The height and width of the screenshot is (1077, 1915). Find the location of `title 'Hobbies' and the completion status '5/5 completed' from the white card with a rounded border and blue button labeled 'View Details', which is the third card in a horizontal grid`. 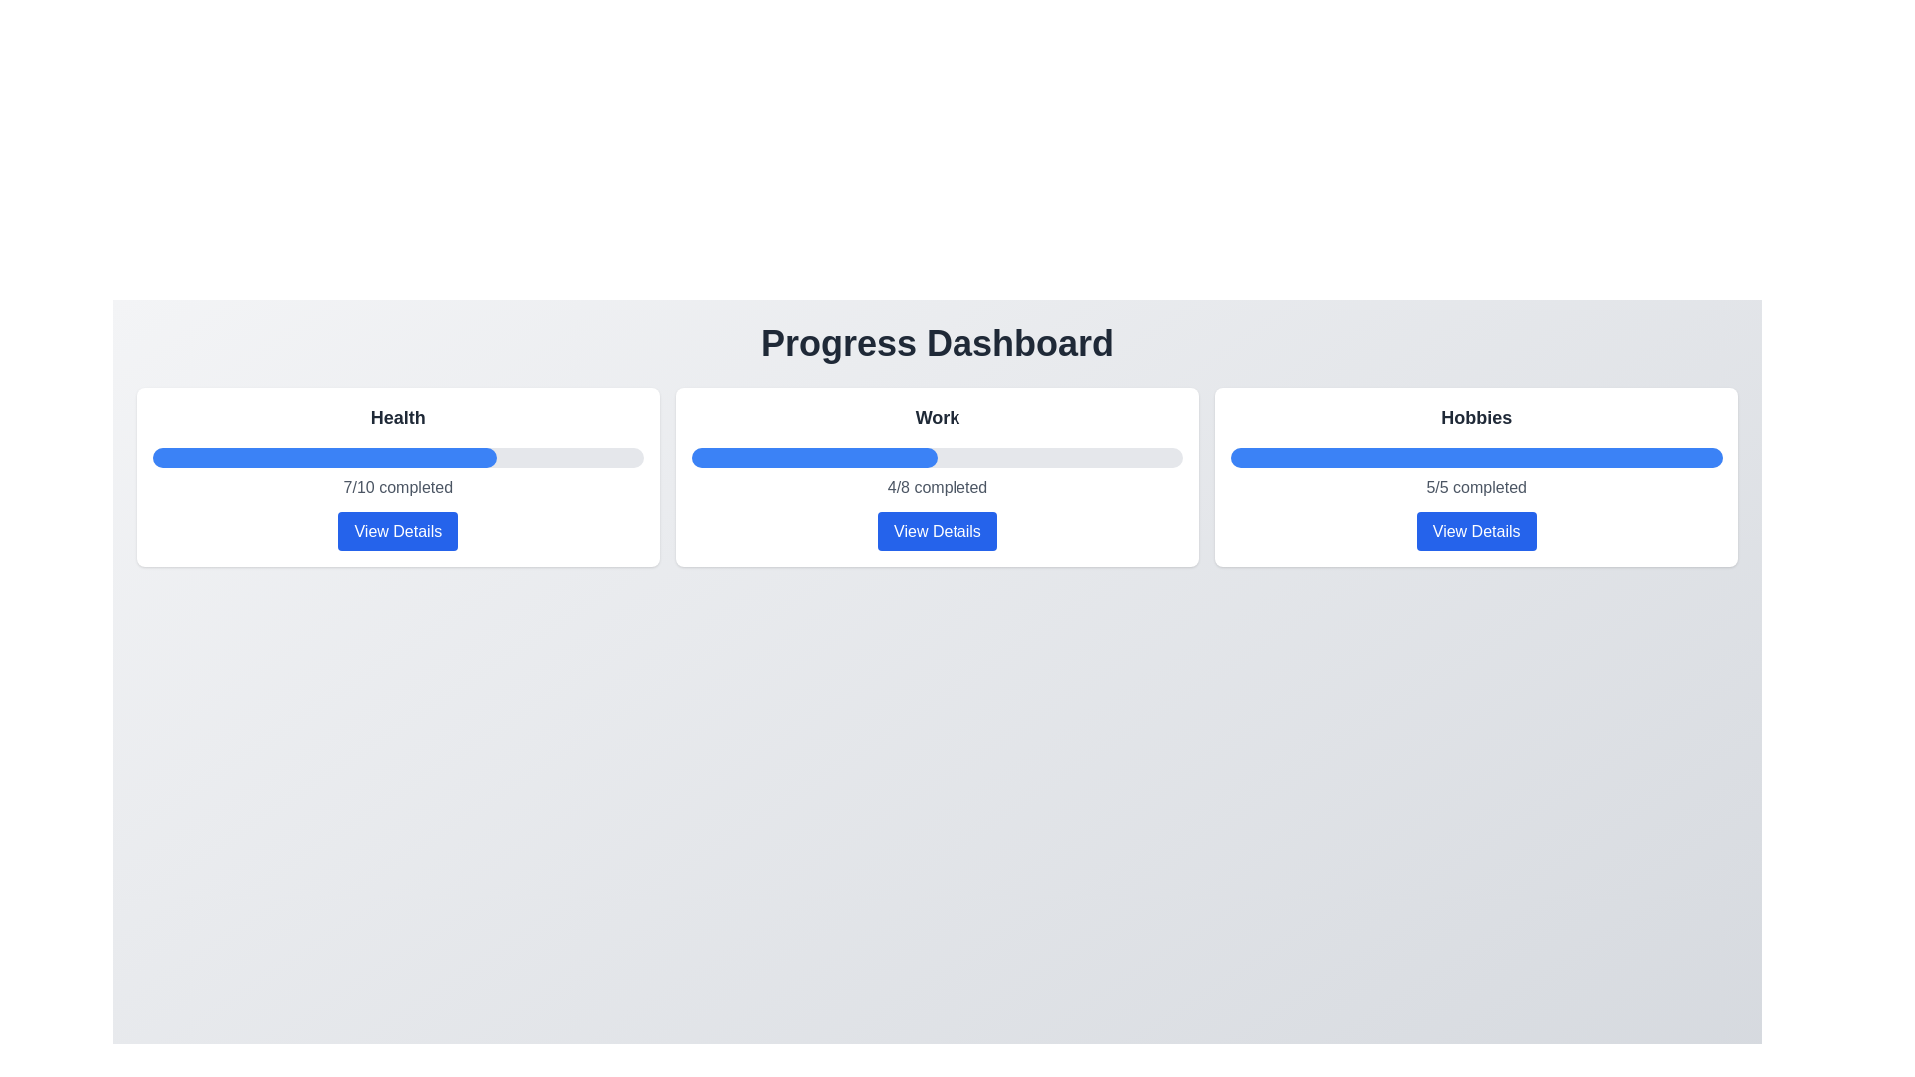

title 'Hobbies' and the completion status '5/5 completed' from the white card with a rounded border and blue button labeled 'View Details', which is the third card in a horizontal grid is located at coordinates (1476, 477).